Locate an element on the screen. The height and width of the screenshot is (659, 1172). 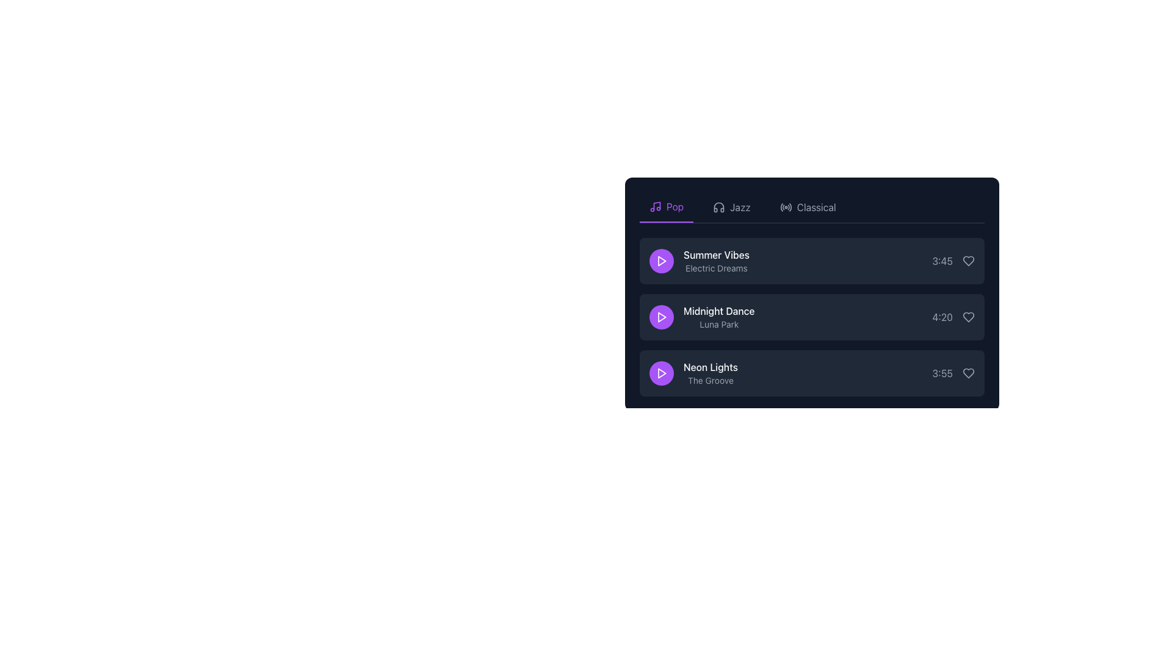
the play icon located within the purple rounded button in the list item containing the text 'Summer Vibes' and 'Electric Dreams' to initiate playback is located at coordinates (661, 261).